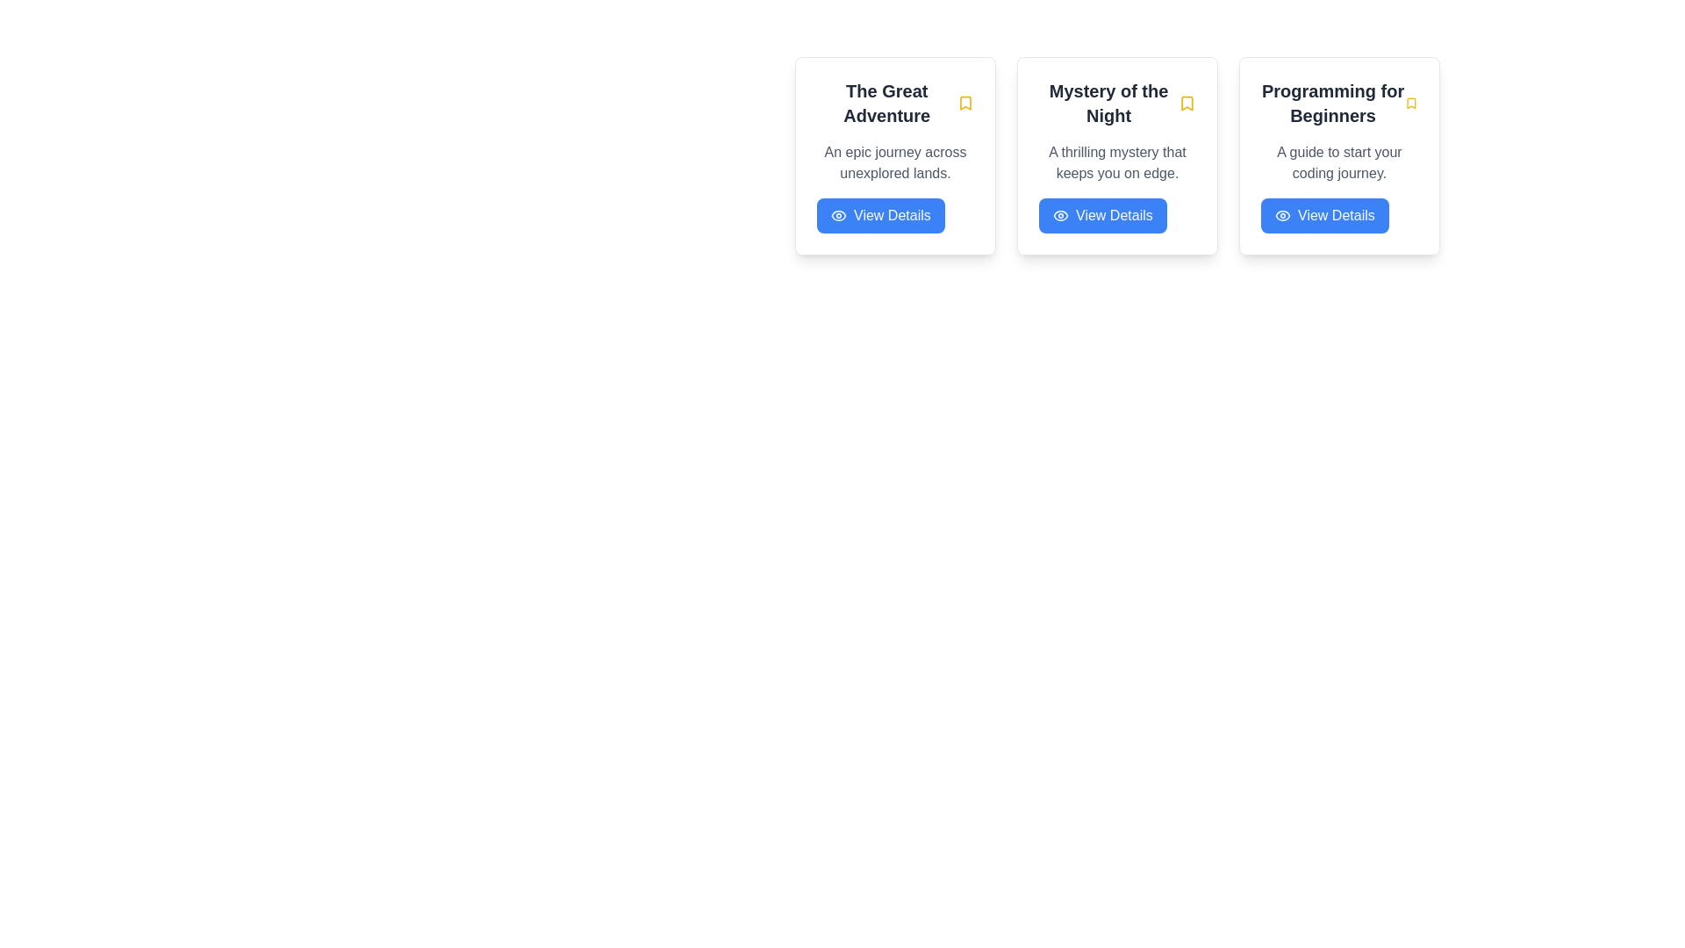 This screenshot has width=1685, height=948. I want to click on the yellow bookmark icon, so click(1187, 104).